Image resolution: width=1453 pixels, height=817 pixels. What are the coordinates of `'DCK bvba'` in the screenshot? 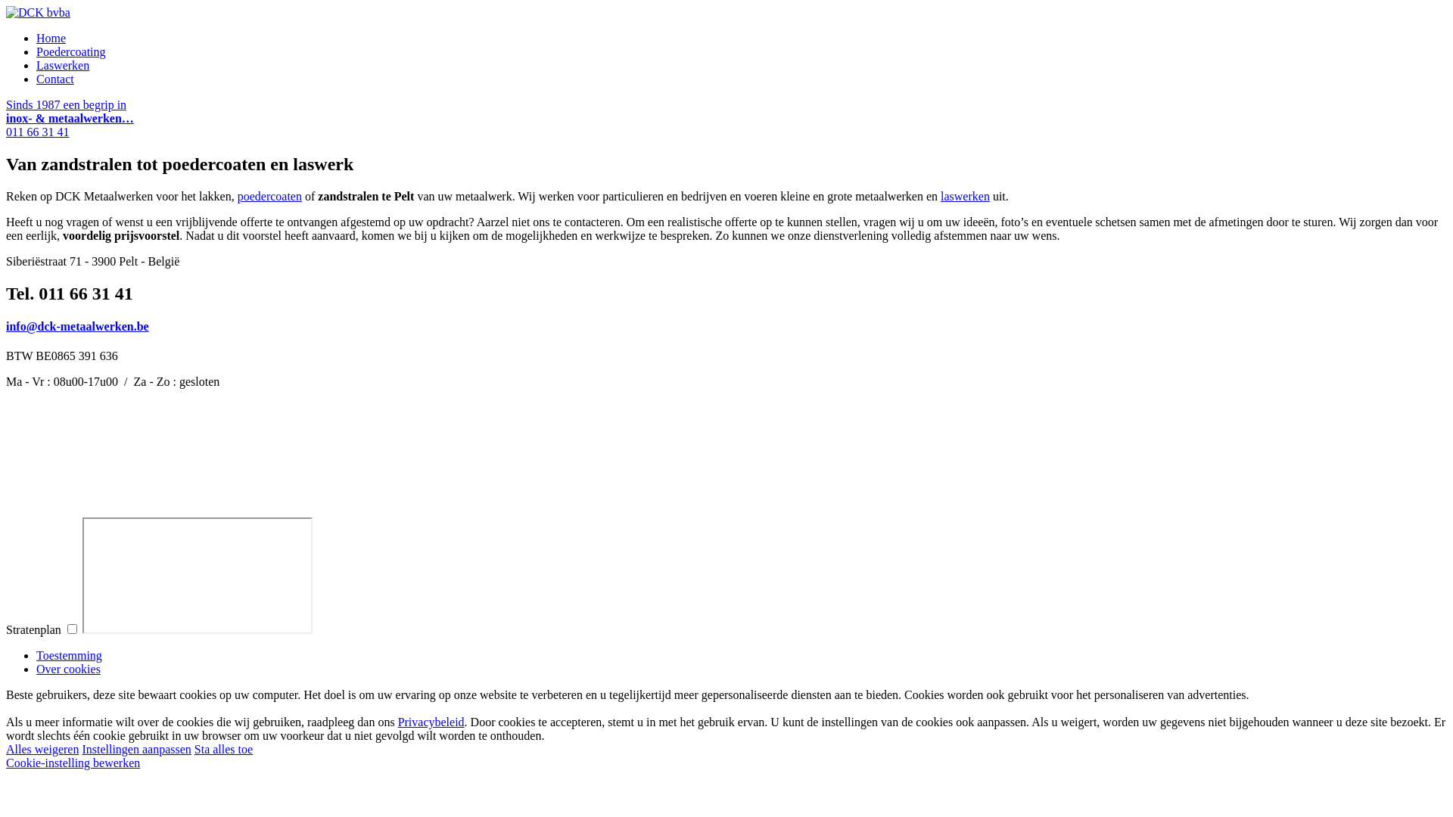 It's located at (38, 12).